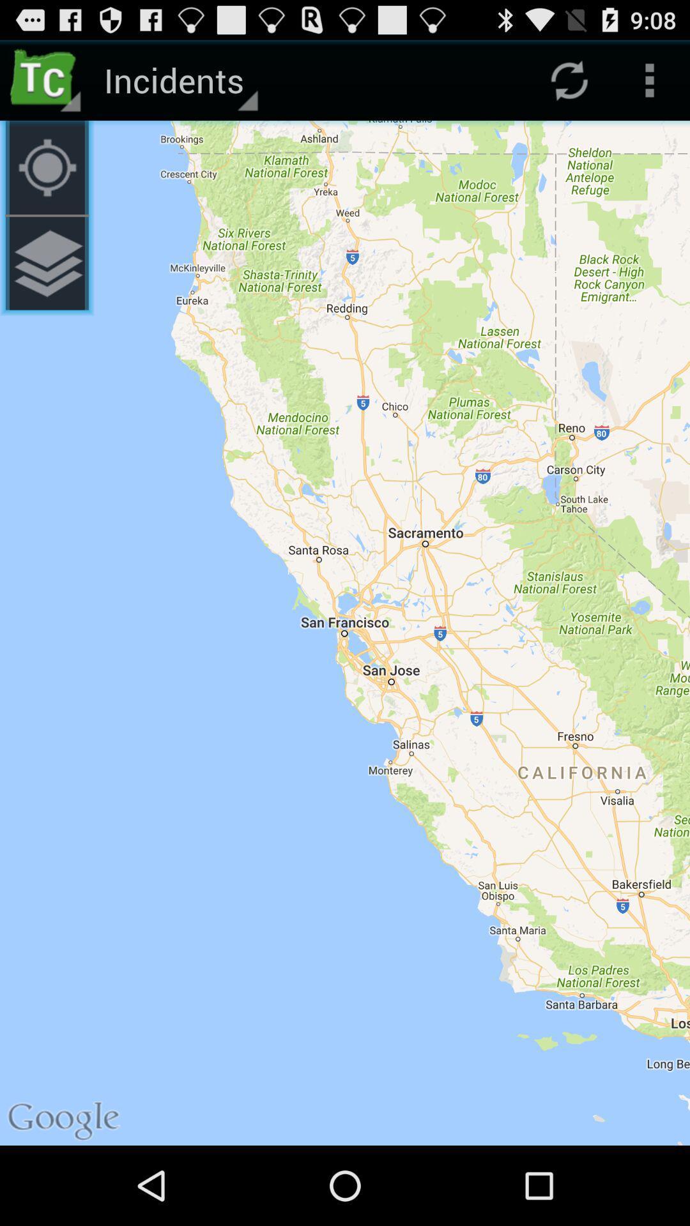  I want to click on the location_crosshair icon, so click(46, 178).